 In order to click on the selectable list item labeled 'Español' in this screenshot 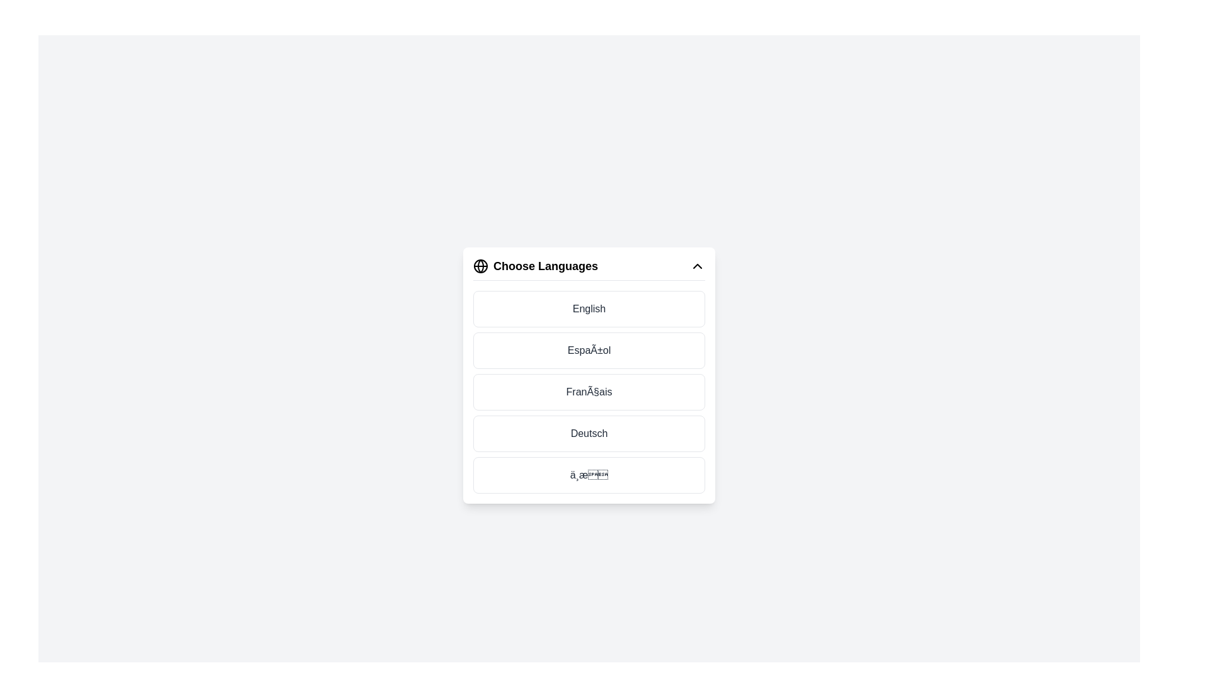, I will do `click(589, 349)`.